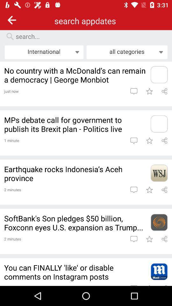 The image size is (172, 306). I want to click on share button, so click(164, 190).